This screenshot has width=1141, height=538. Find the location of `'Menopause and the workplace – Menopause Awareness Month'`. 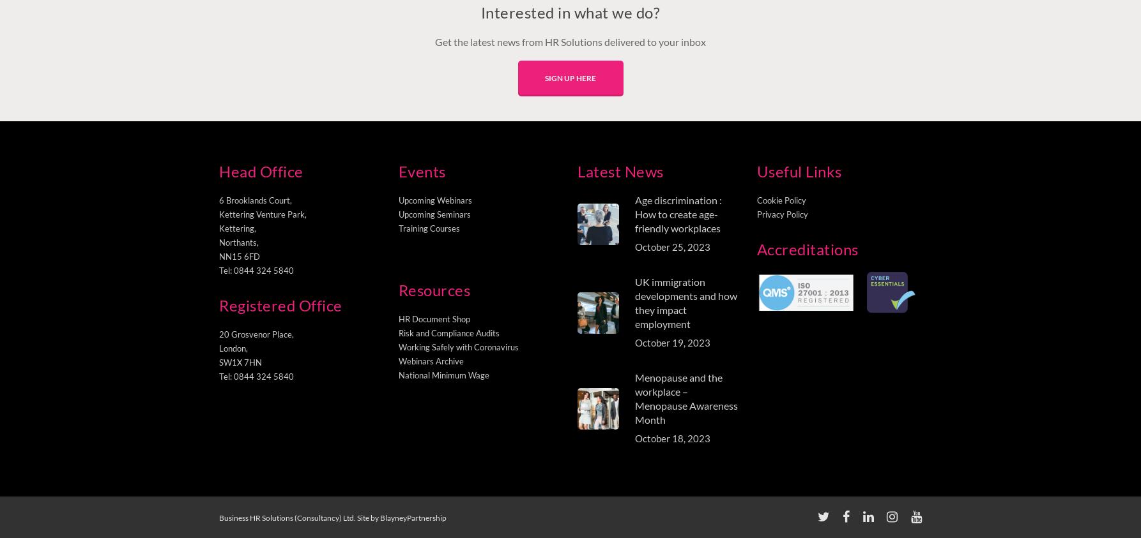

'Menopause and the workplace – Menopause Awareness Month' is located at coordinates (685, 398).